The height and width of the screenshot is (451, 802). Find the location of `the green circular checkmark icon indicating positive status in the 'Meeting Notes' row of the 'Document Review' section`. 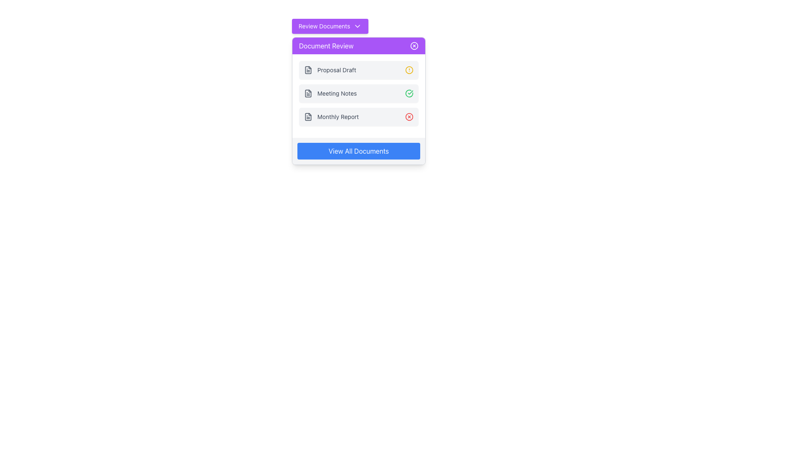

the green circular checkmark icon indicating positive status in the 'Meeting Notes' row of the 'Document Review' section is located at coordinates (409, 93).